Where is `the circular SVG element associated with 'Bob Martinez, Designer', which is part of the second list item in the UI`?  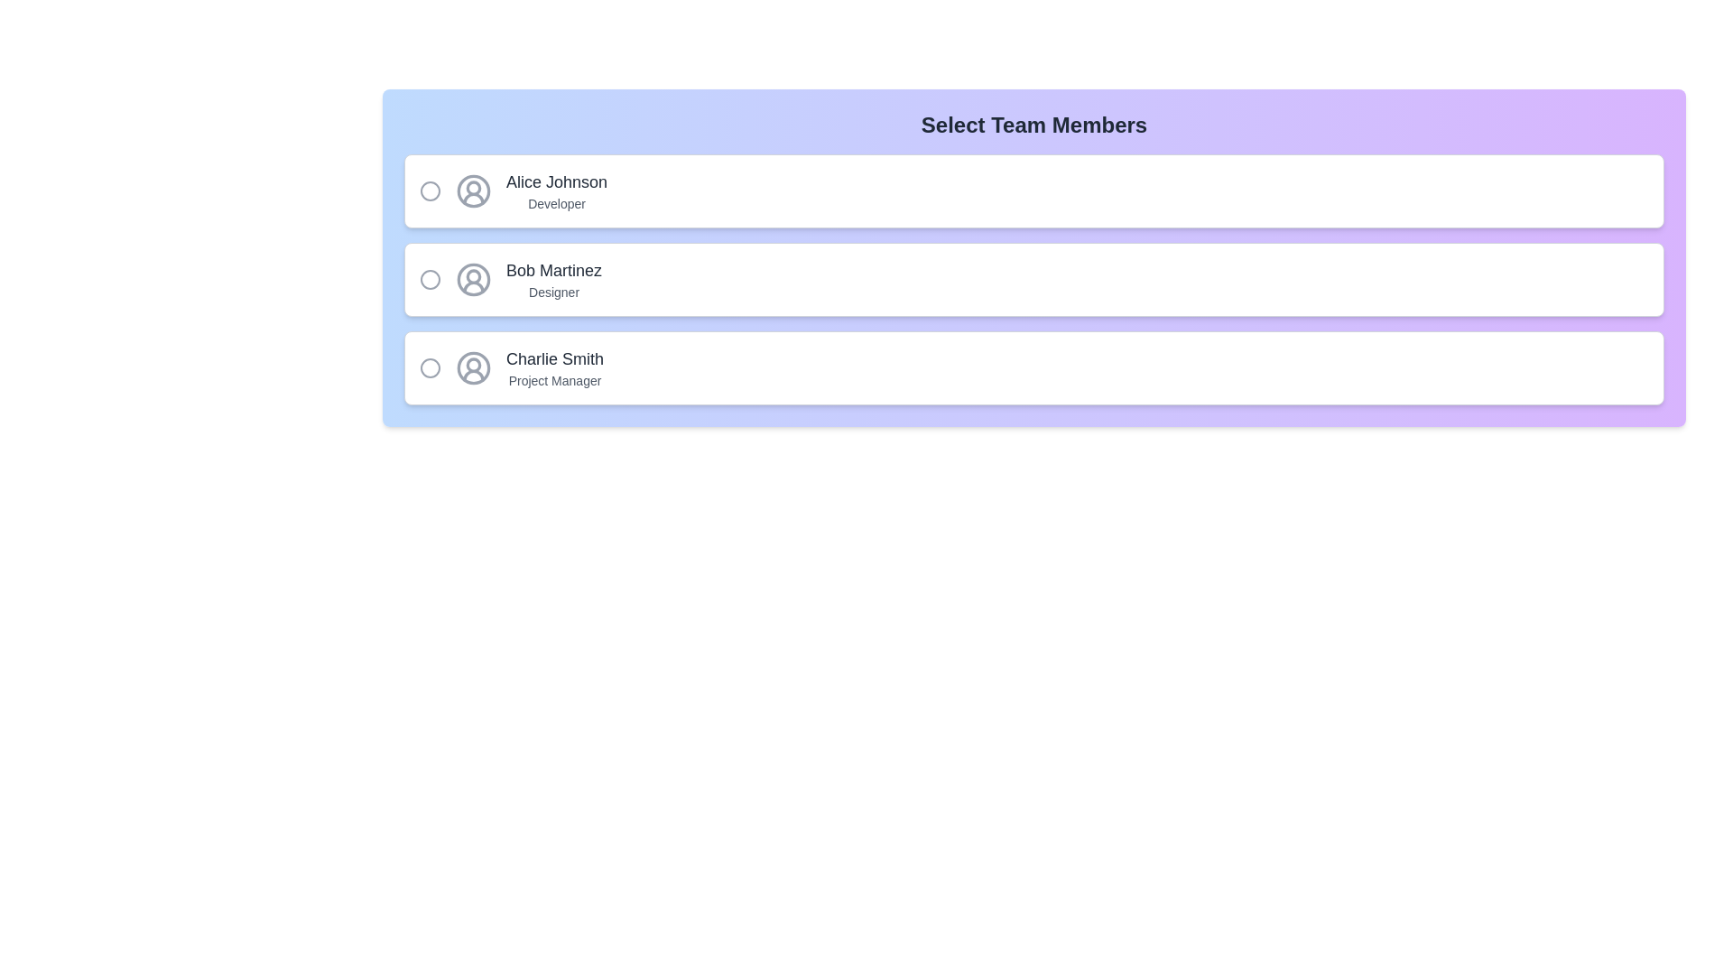
the circular SVG element associated with 'Bob Martinez, Designer', which is part of the second list item in the UI is located at coordinates (429, 279).